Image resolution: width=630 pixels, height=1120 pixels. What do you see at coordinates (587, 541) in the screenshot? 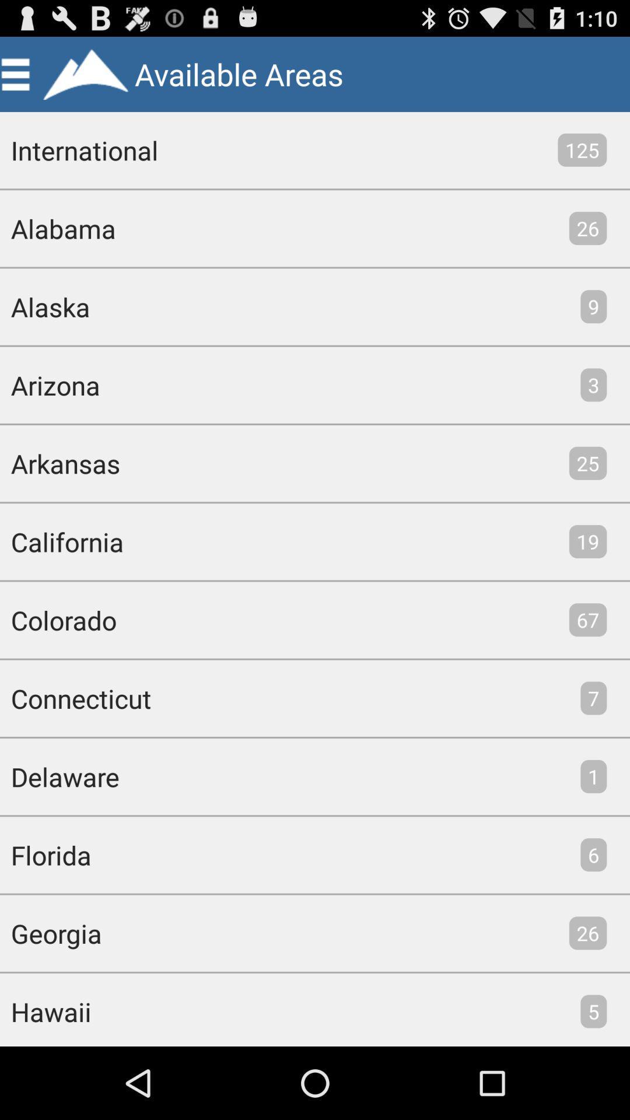
I see `the app to the right of the california app` at bounding box center [587, 541].